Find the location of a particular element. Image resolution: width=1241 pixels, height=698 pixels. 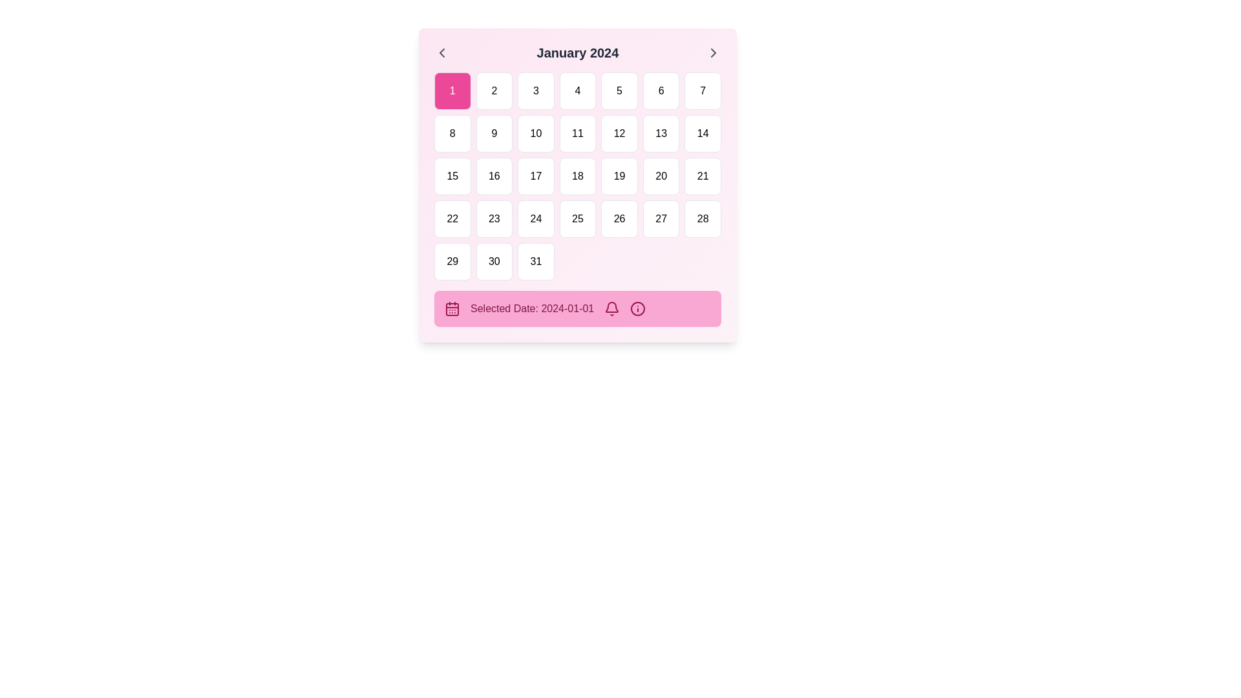

the interactive chevron arrow icon located in the top-right corner of the calendar interface is located at coordinates (713, 52).